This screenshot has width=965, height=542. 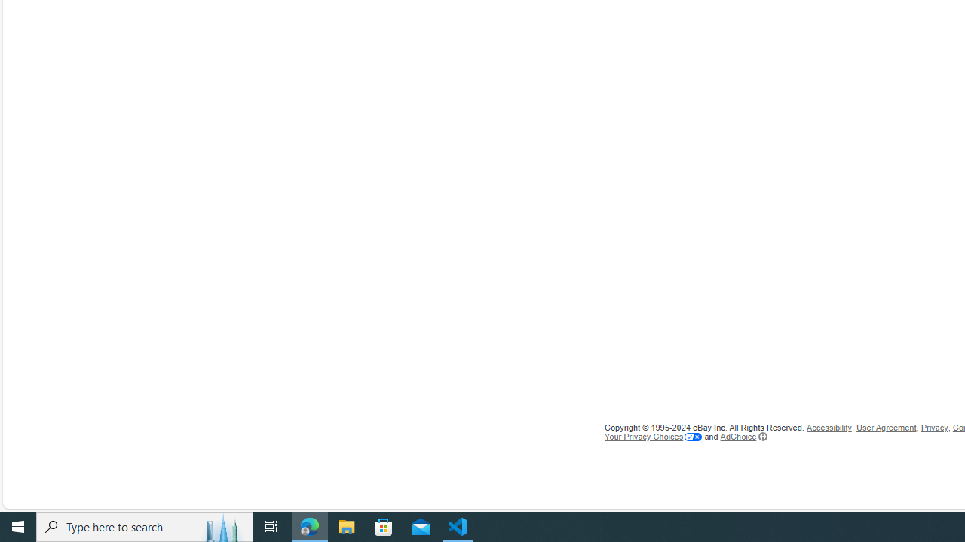 What do you see at coordinates (887, 428) in the screenshot?
I see `'User Agreement'` at bounding box center [887, 428].